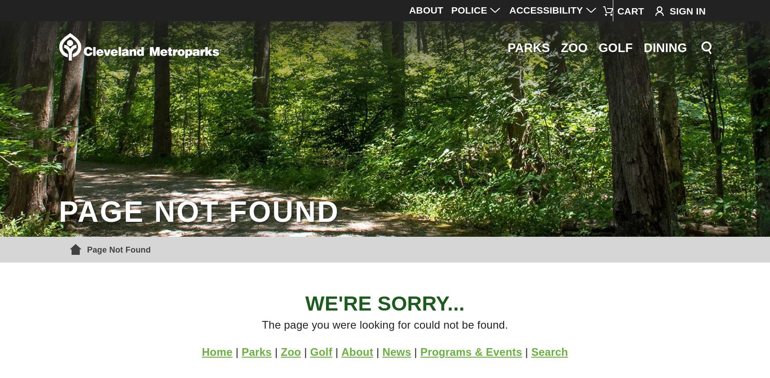 This screenshot has width=770, height=378. Describe the element at coordinates (321, 351) in the screenshot. I see `'Golf'` at that location.